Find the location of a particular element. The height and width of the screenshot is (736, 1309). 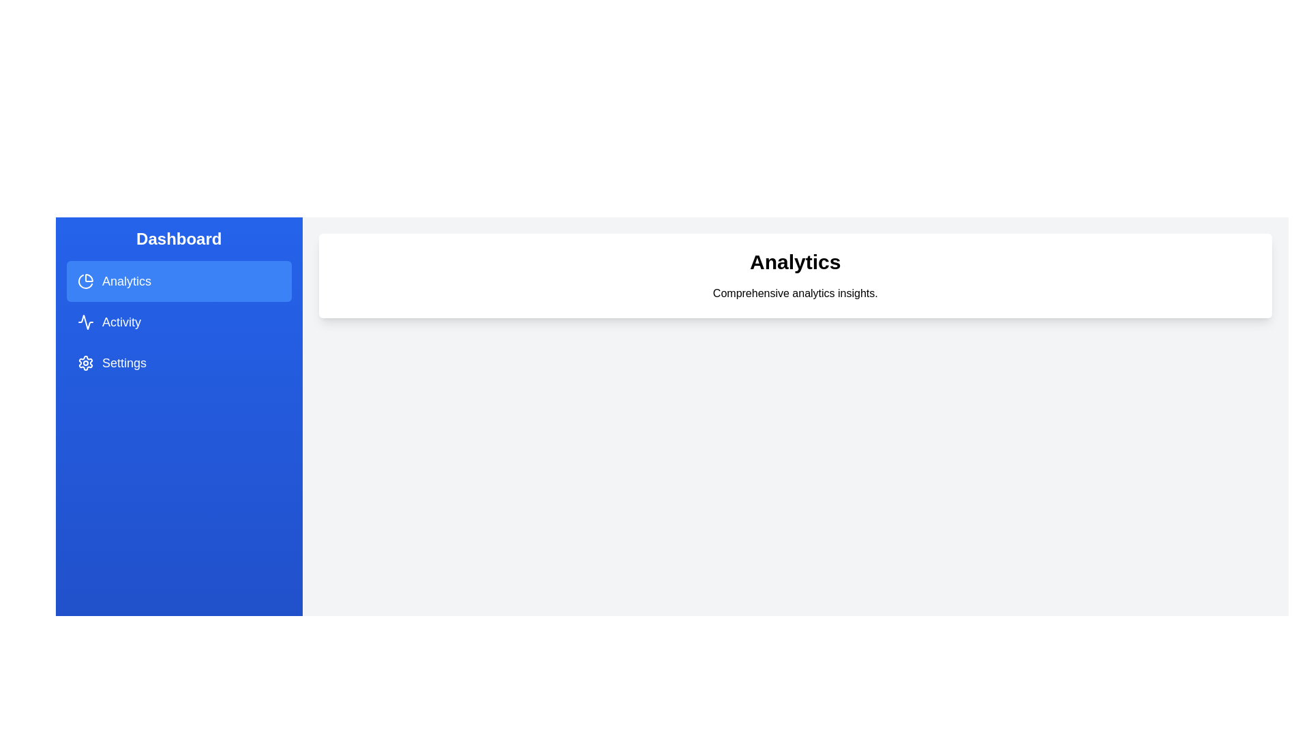

the navigational 'Activity' button located in the sidebar menu, which is positioned below the 'Analytics' button and above the 'Settings' button is located at coordinates (178, 322).